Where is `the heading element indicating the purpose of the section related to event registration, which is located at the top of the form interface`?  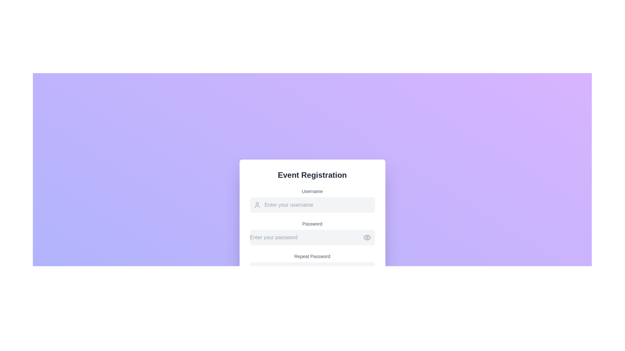
the heading element indicating the purpose of the section related to event registration, which is located at the top of the form interface is located at coordinates (312, 175).